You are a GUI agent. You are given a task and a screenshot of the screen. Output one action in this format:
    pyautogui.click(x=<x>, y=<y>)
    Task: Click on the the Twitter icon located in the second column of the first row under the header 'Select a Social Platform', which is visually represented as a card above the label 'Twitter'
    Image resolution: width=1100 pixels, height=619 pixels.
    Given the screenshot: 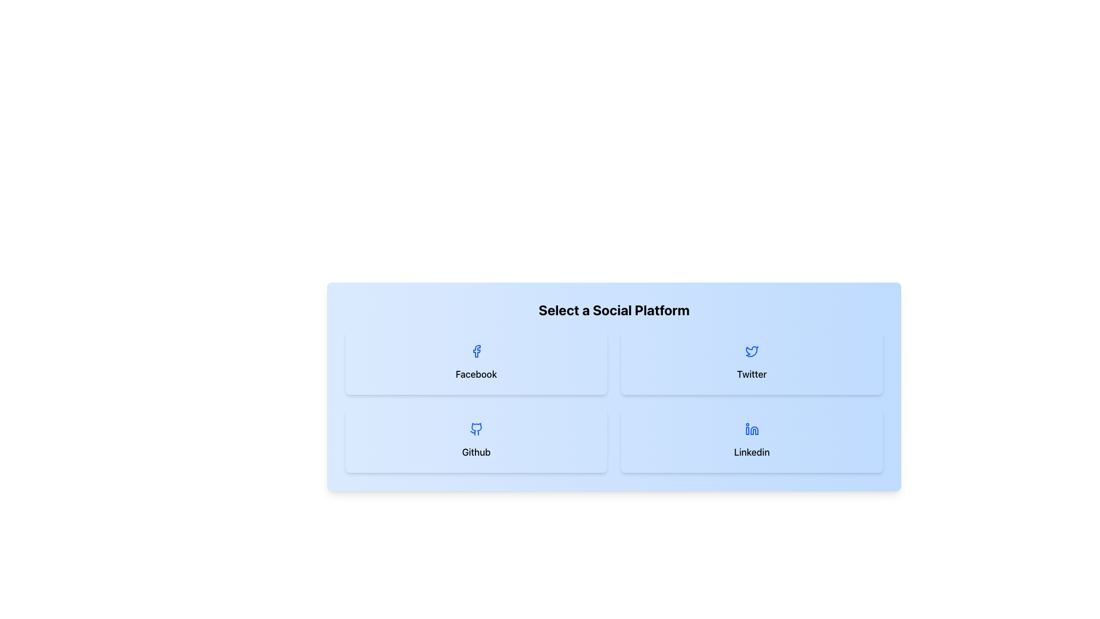 What is the action you would take?
    pyautogui.click(x=752, y=351)
    